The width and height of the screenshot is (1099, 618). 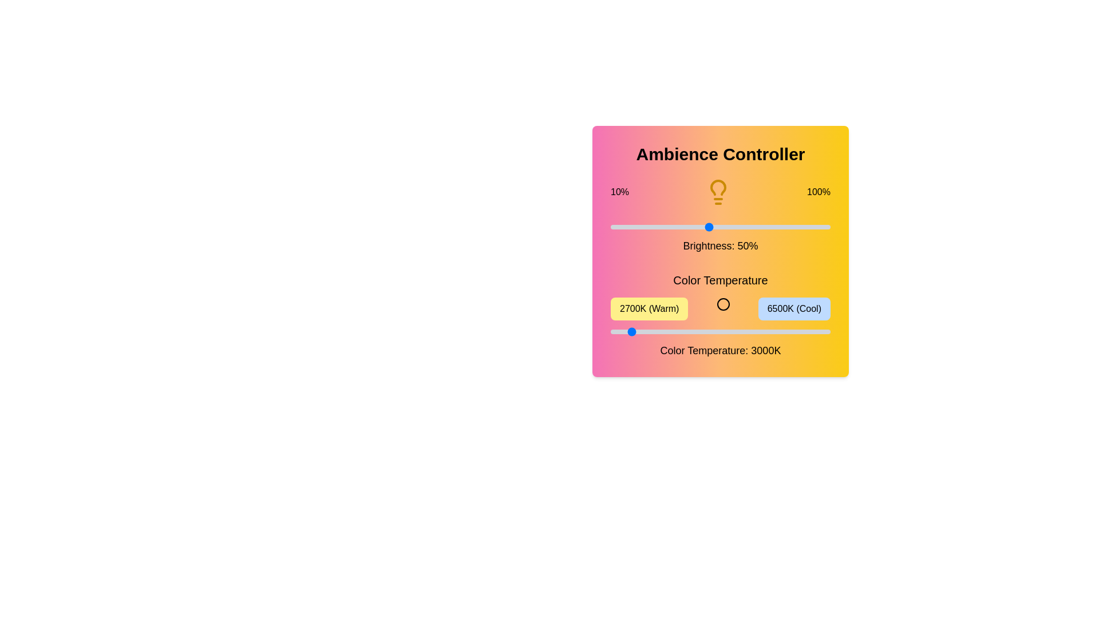 I want to click on the color temperature slider to 3268 K, so click(x=643, y=331).